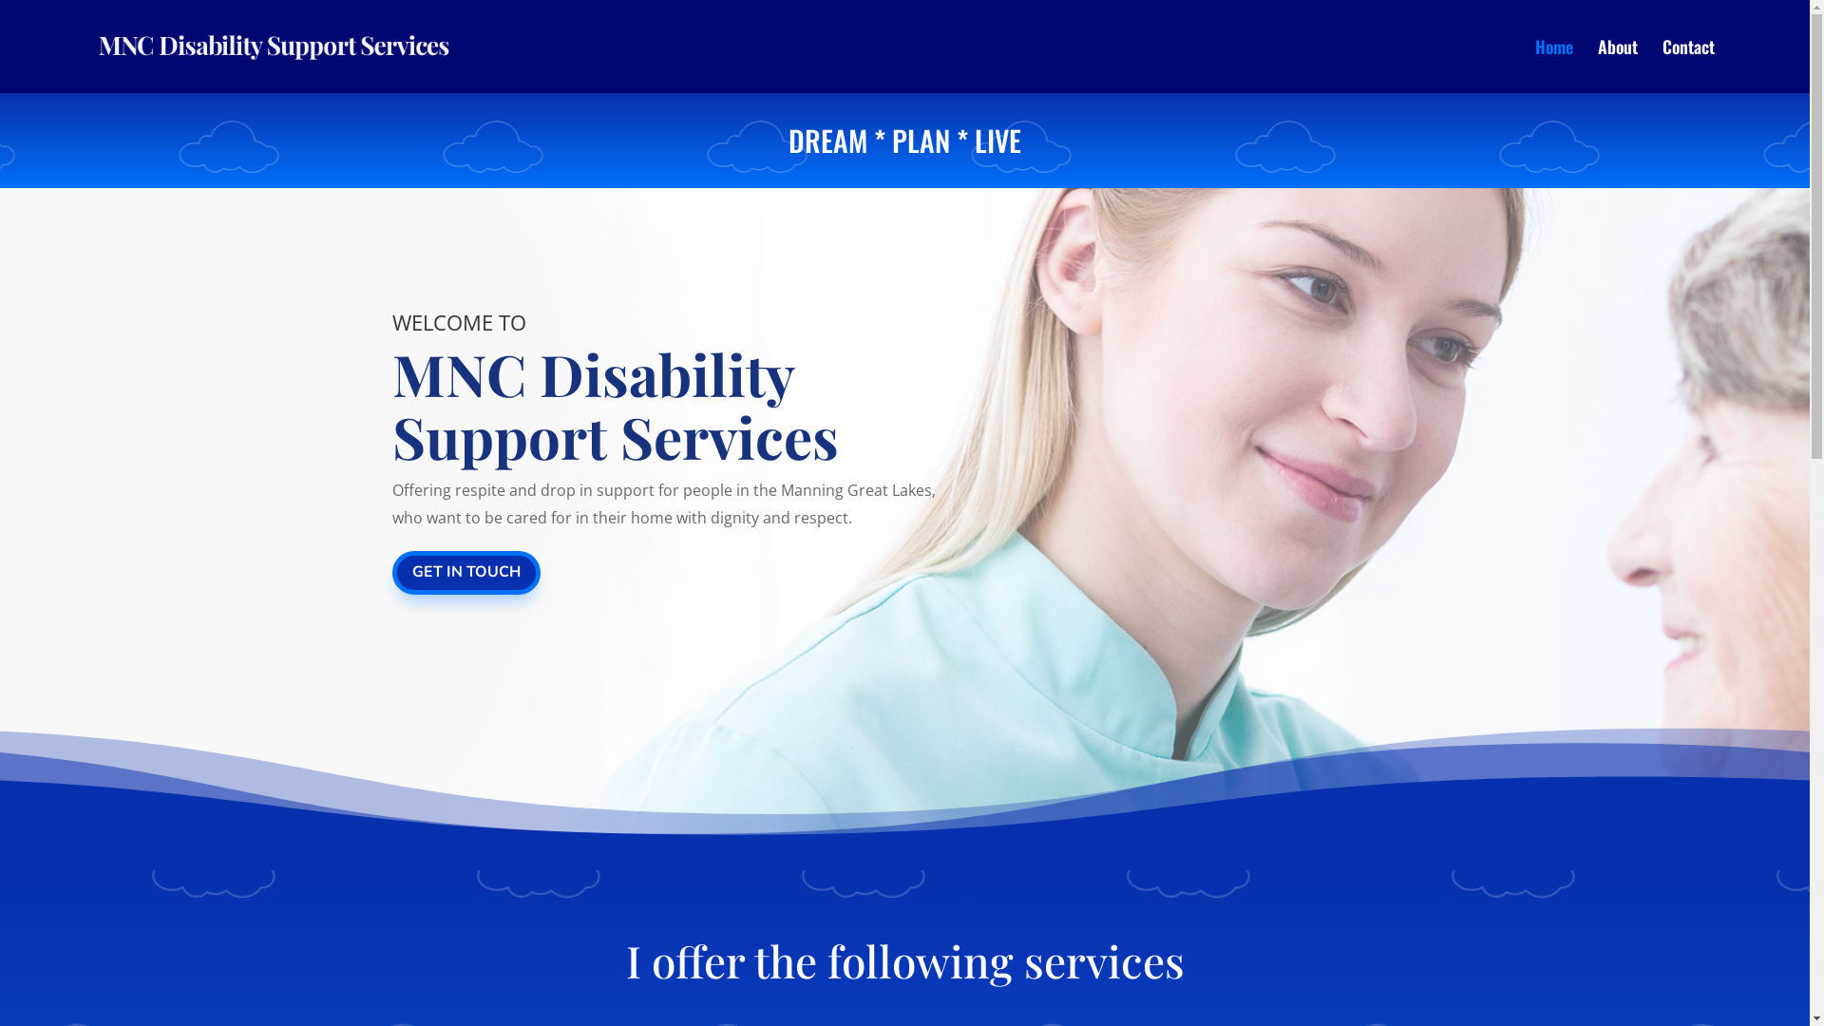 The image size is (1824, 1026). I want to click on 'About', so click(1617, 65).